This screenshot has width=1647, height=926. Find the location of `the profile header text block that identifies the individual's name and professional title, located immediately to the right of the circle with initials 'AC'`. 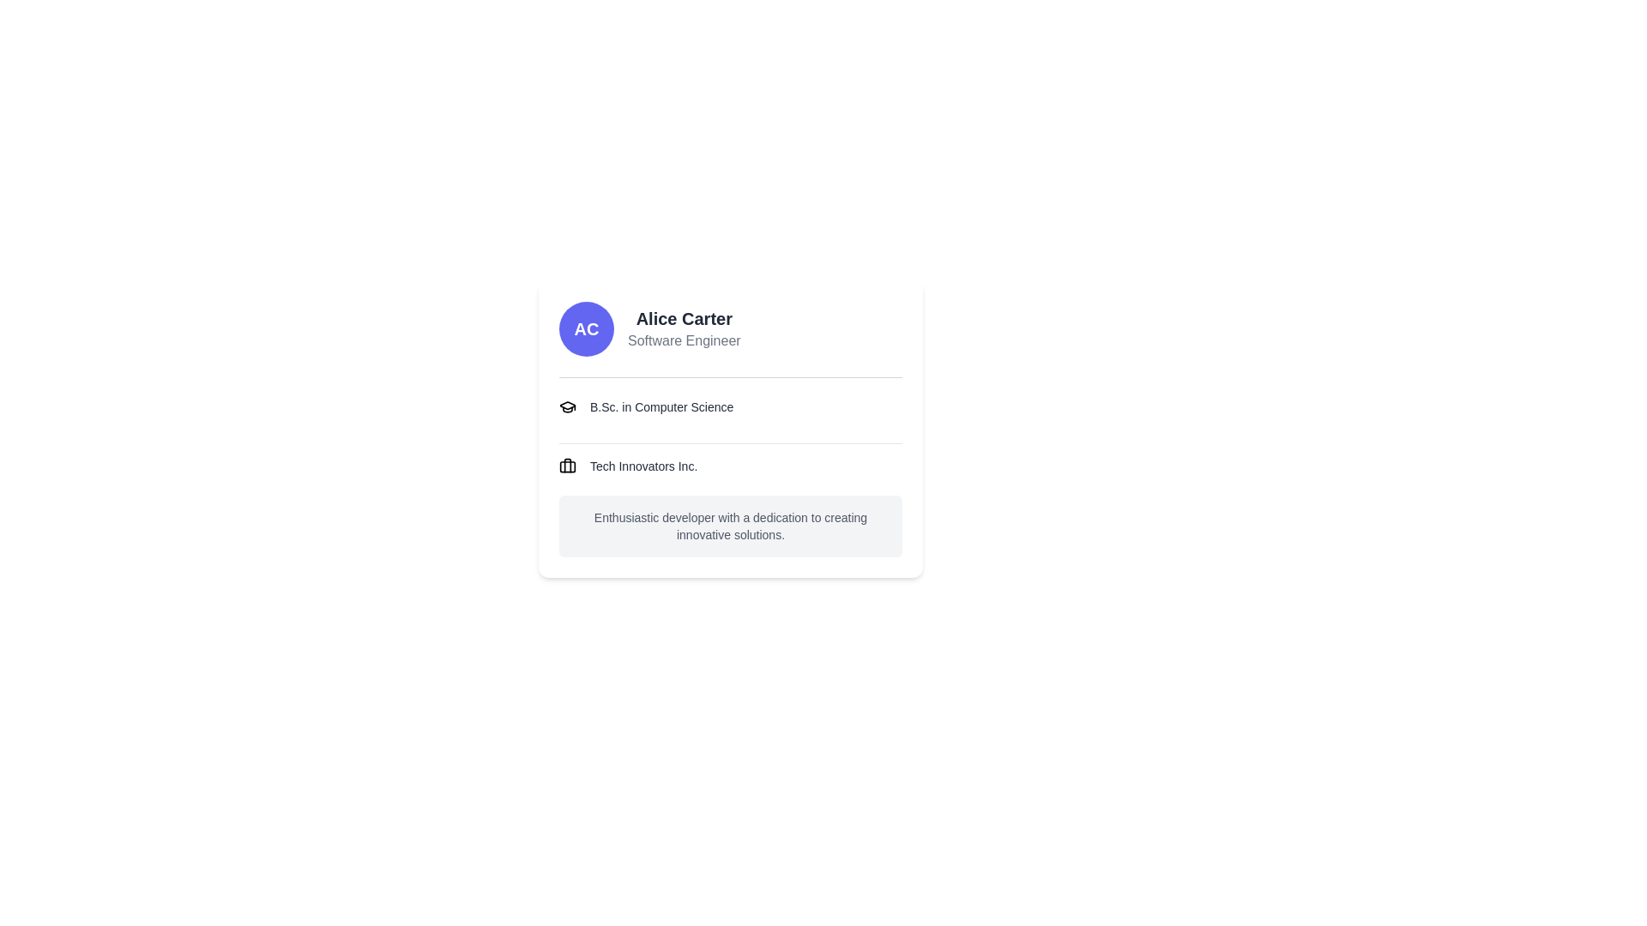

the profile header text block that identifies the individual's name and professional title, located immediately to the right of the circle with initials 'AC' is located at coordinates (683, 329).